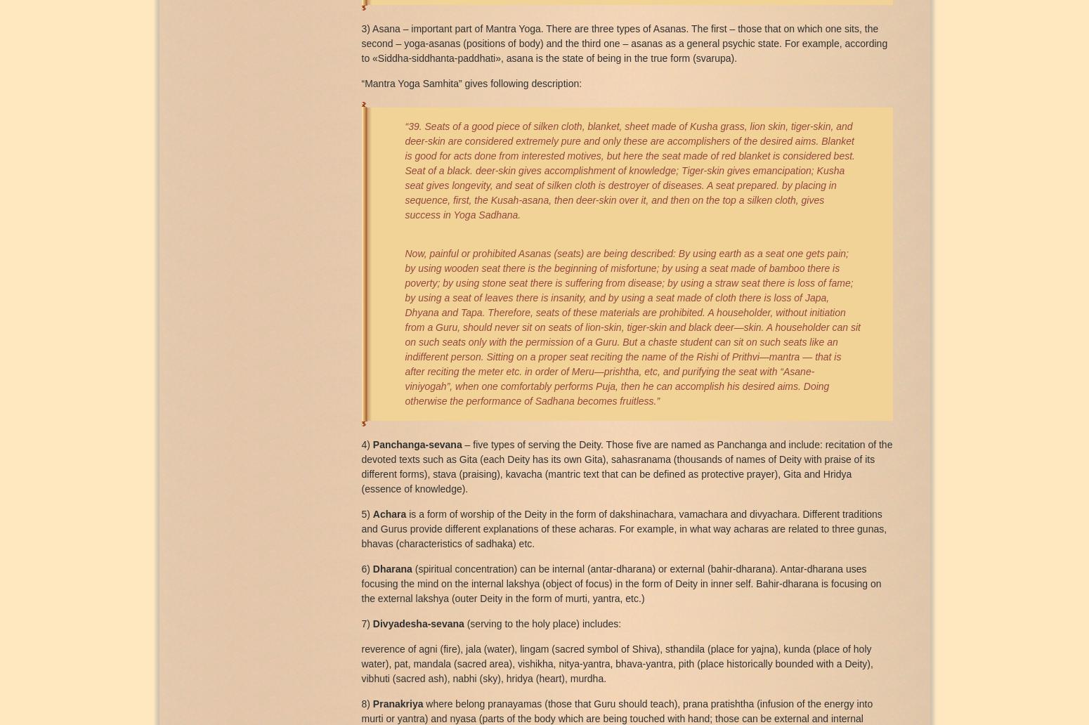  Describe the element at coordinates (360, 583) in the screenshot. I see `'(spiritual concentration) can be internal (antar-dharana) or external (bahir-dharana). Antar-dharana uses focusing the mind on the internal lakshya (object of focus) in the form of Deity in inner self. Bahir-dharana is focusing on the external lakshya (outer Deity in the form of murti, yantra, etc.)'` at that location.